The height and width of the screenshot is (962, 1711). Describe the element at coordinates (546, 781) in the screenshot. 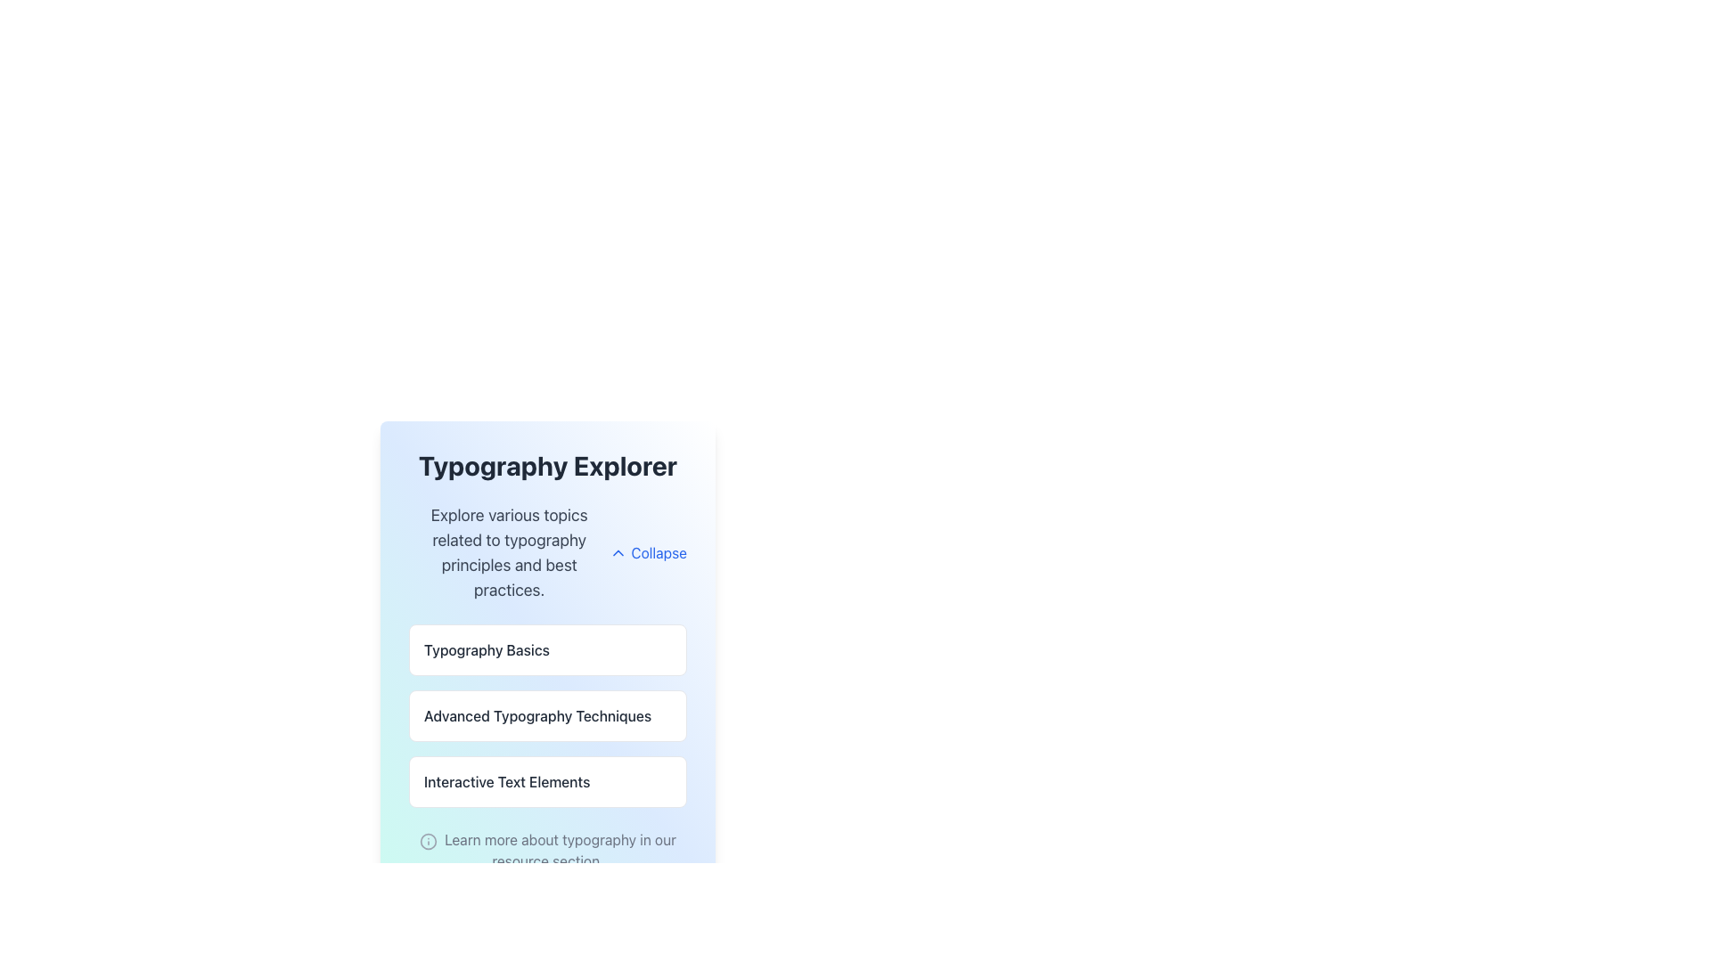

I see `the third card in the vertical arrangement under the 'Typography Explorer' section` at that location.